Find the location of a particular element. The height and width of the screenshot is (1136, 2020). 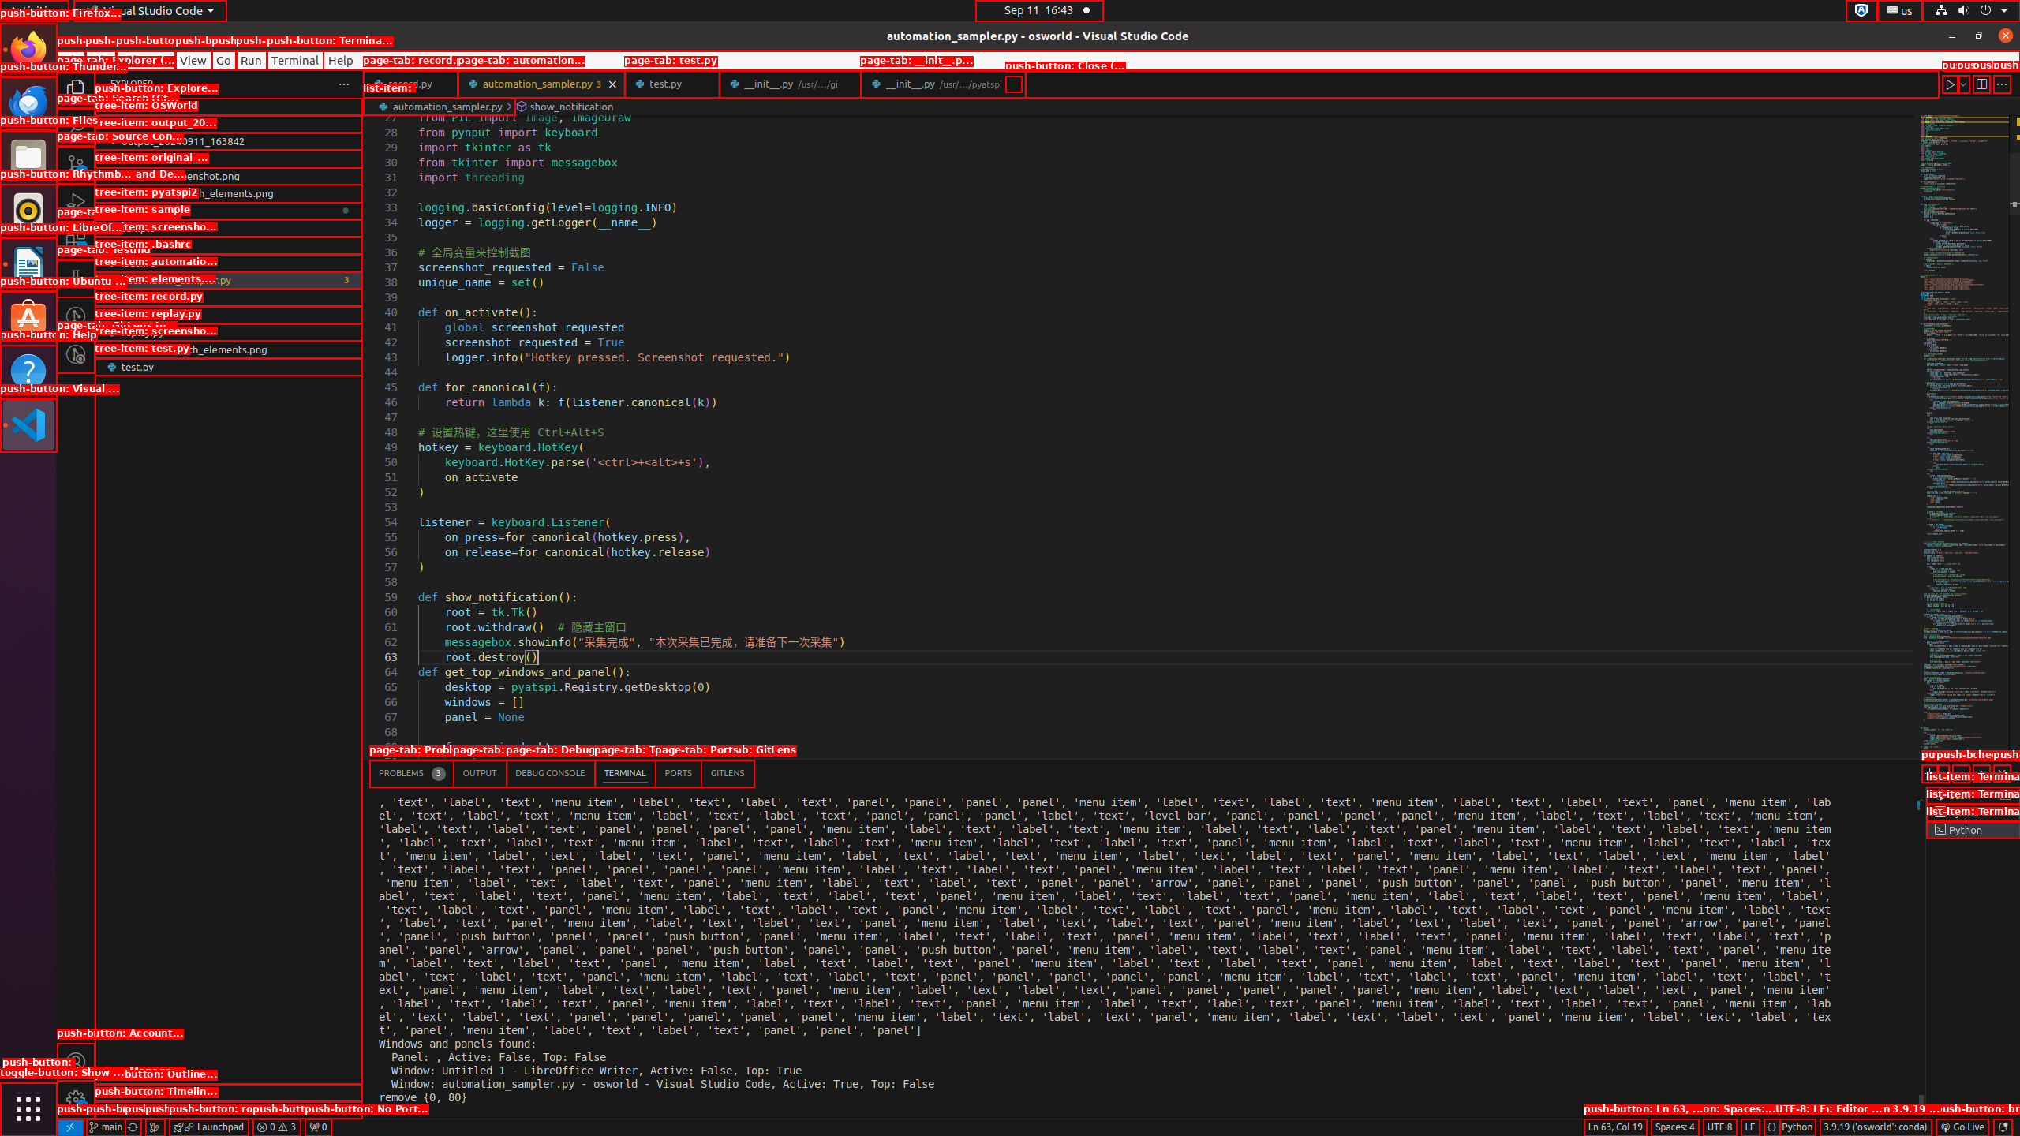

'Run or Debug...' is located at coordinates (1962, 84).